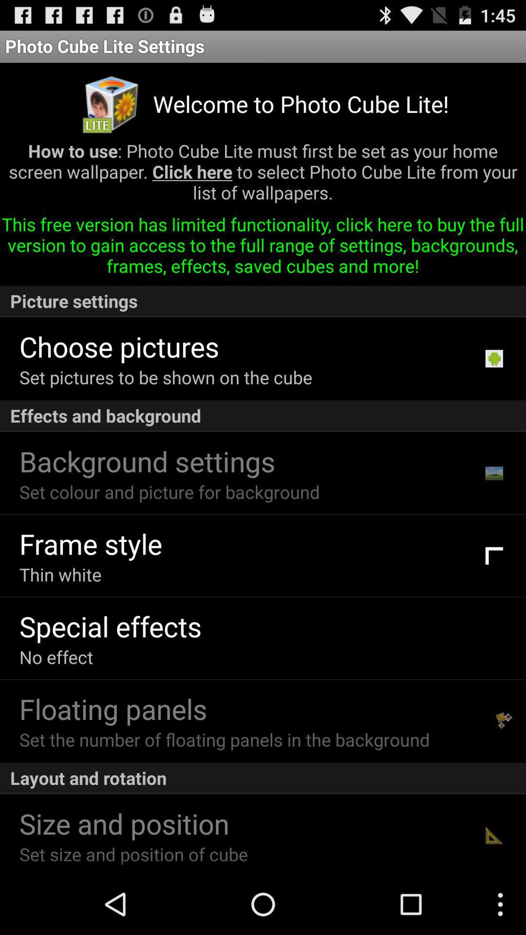  Describe the element at coordinates (494, 358) in the screenshot. I see `the item to the right of the set pictures to` at that location.